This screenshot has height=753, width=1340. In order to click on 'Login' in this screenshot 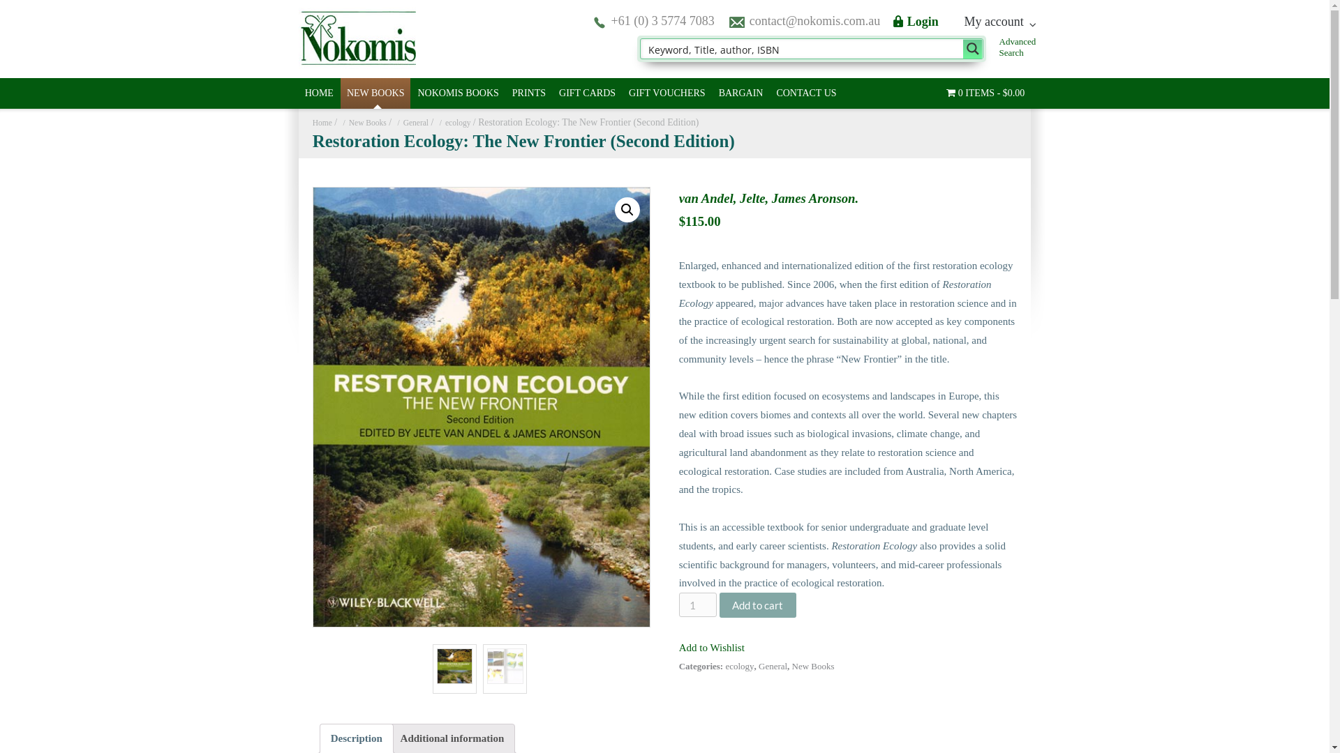, I will do `click(915, 22)`.